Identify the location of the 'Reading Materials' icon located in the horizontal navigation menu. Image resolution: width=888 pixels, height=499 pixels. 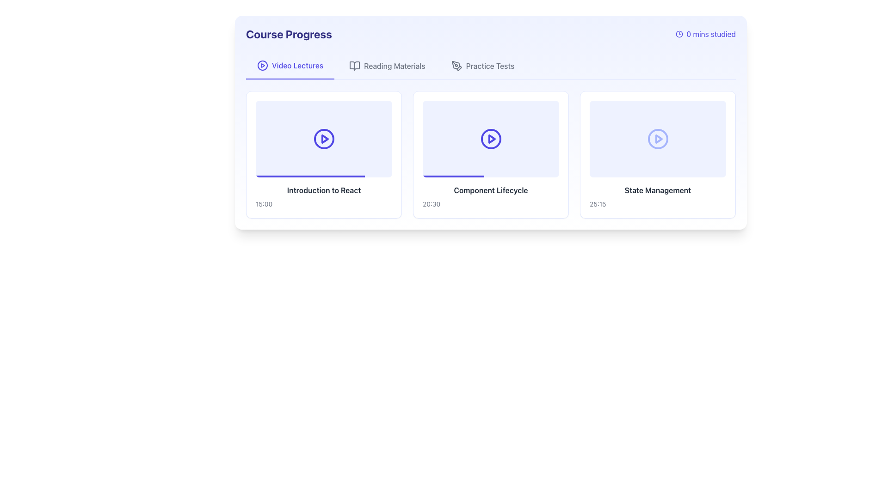
(354, 65).